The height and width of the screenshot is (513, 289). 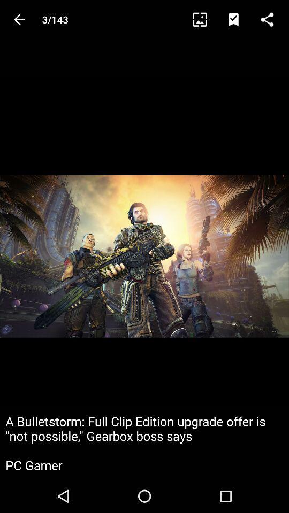 I want to click on the icon above a bulletstorm full icon, so click(x=238, y=19).